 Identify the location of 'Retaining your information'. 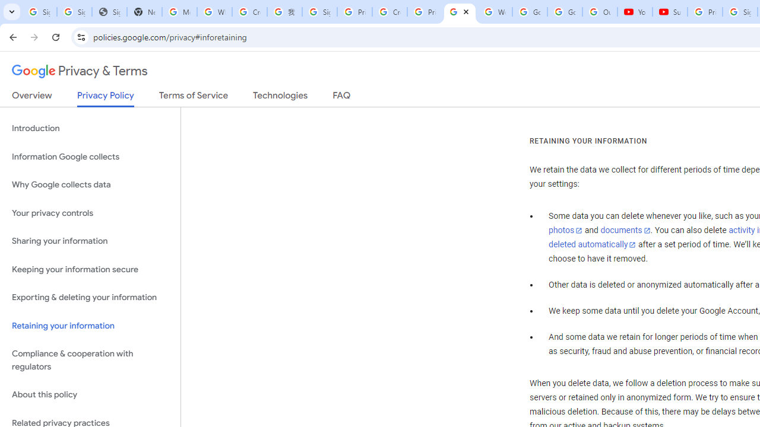
(90, 326).